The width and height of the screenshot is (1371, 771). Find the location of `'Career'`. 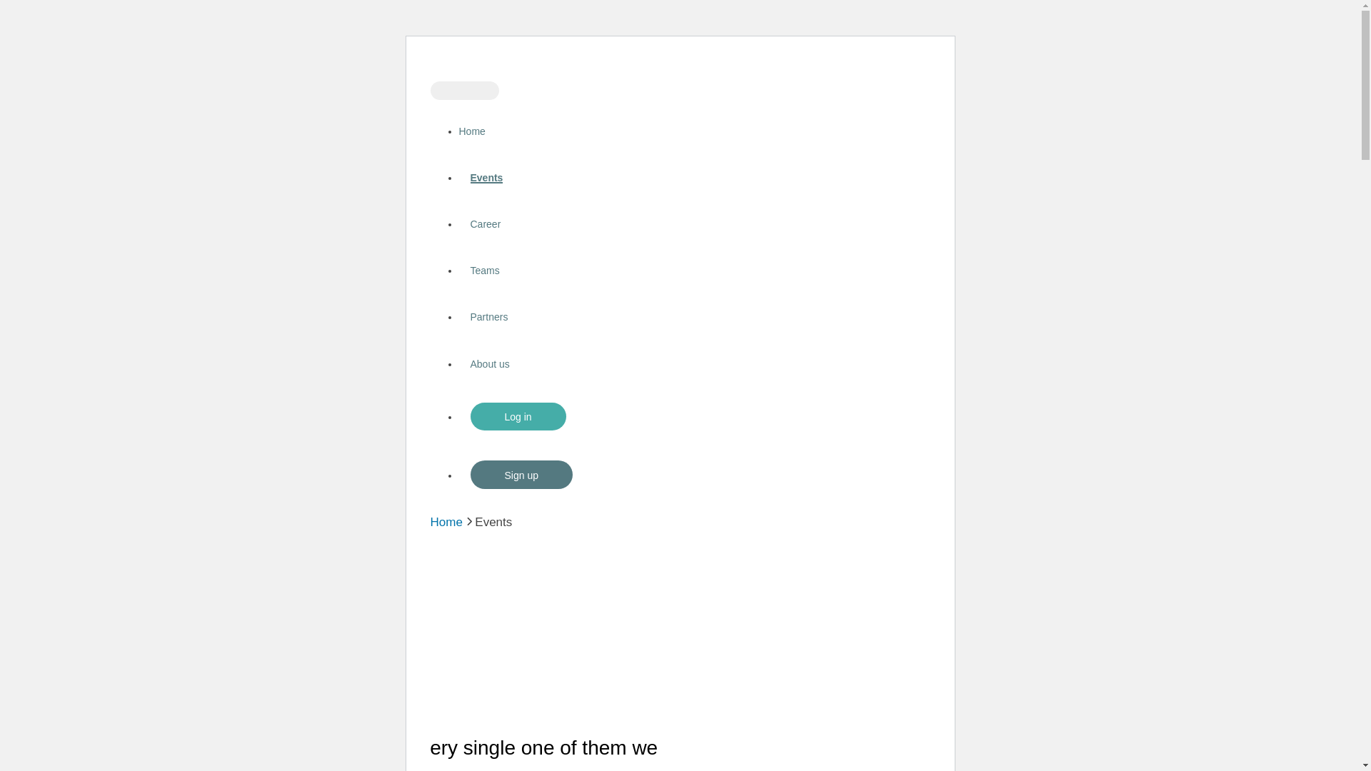

'Career' is located at coordinates (485, 223).